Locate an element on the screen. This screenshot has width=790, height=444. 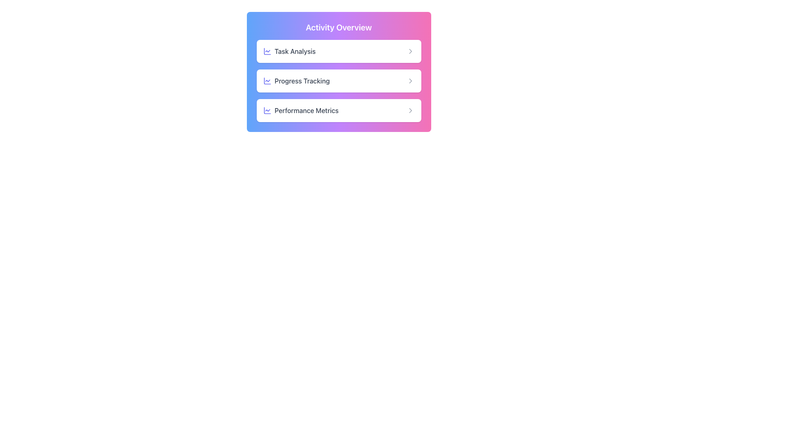
the chart line icon, which is a blue-indigo gradient circular icon located to the left of the 'Performance Metrics' entry in the 'Activity Overview' section is located at coordinates (267, 110).